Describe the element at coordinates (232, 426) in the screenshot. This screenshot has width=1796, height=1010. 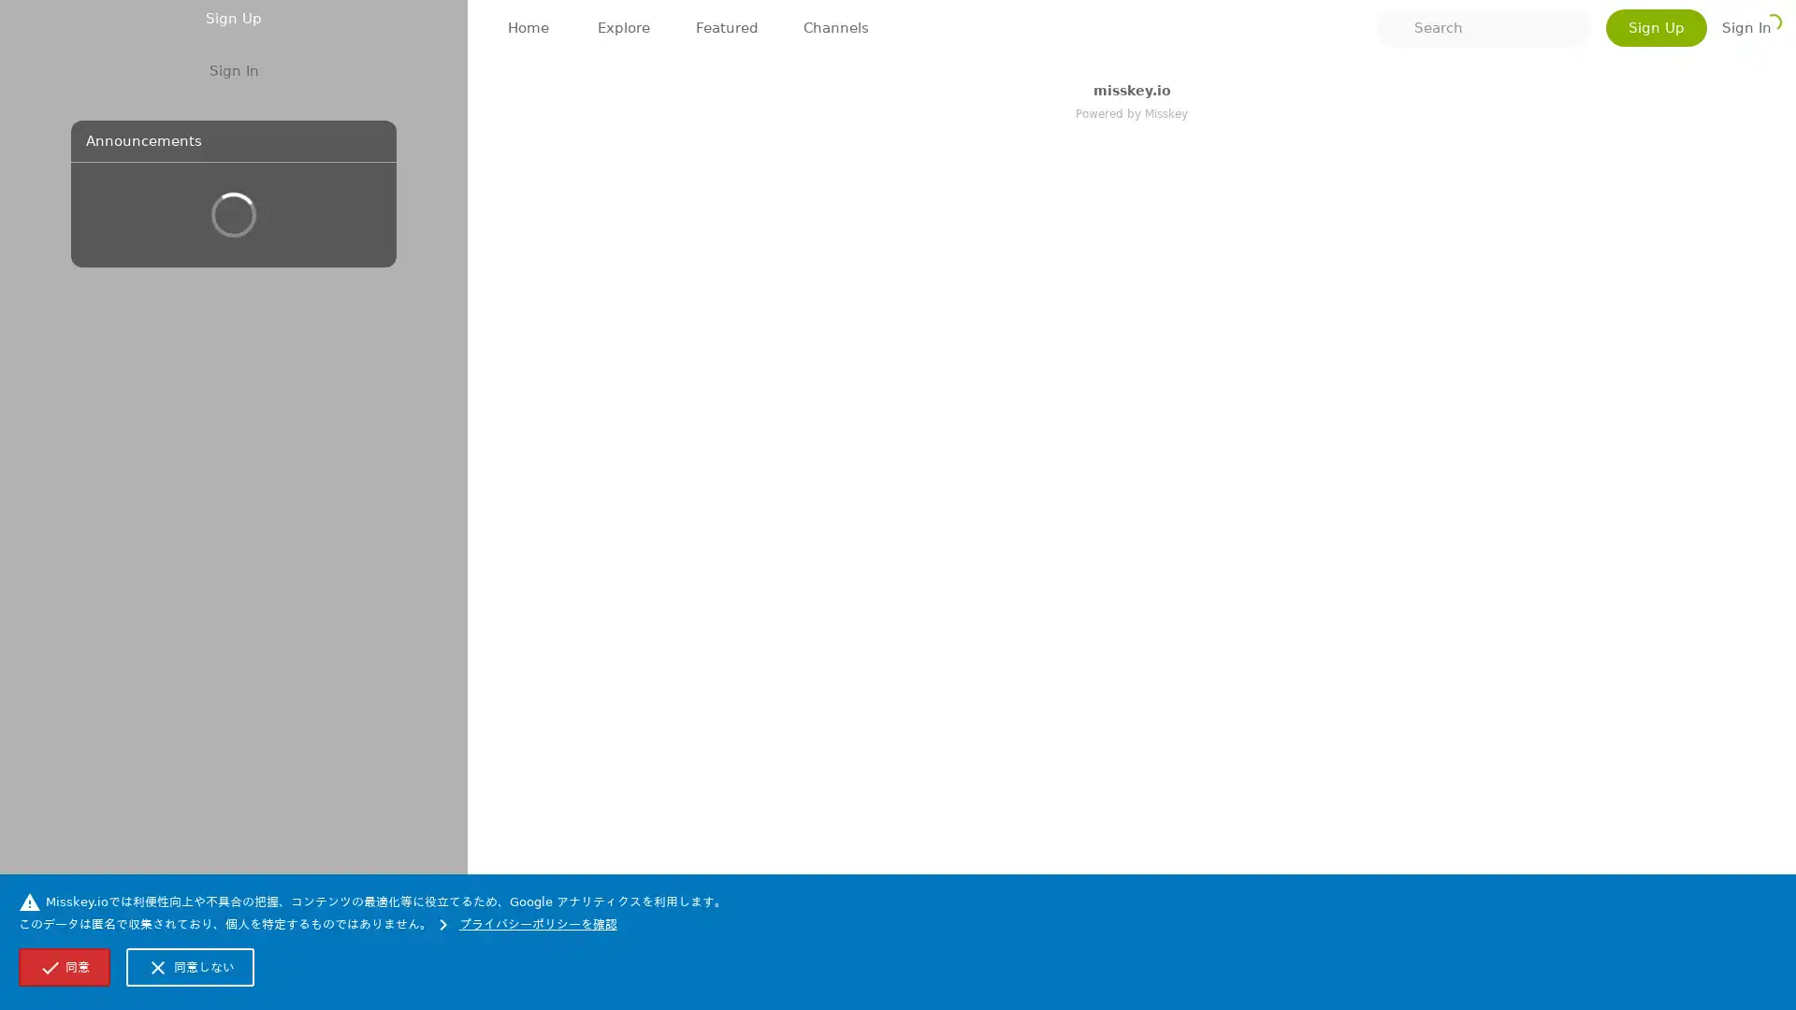
I see `Sign Up` at that location.